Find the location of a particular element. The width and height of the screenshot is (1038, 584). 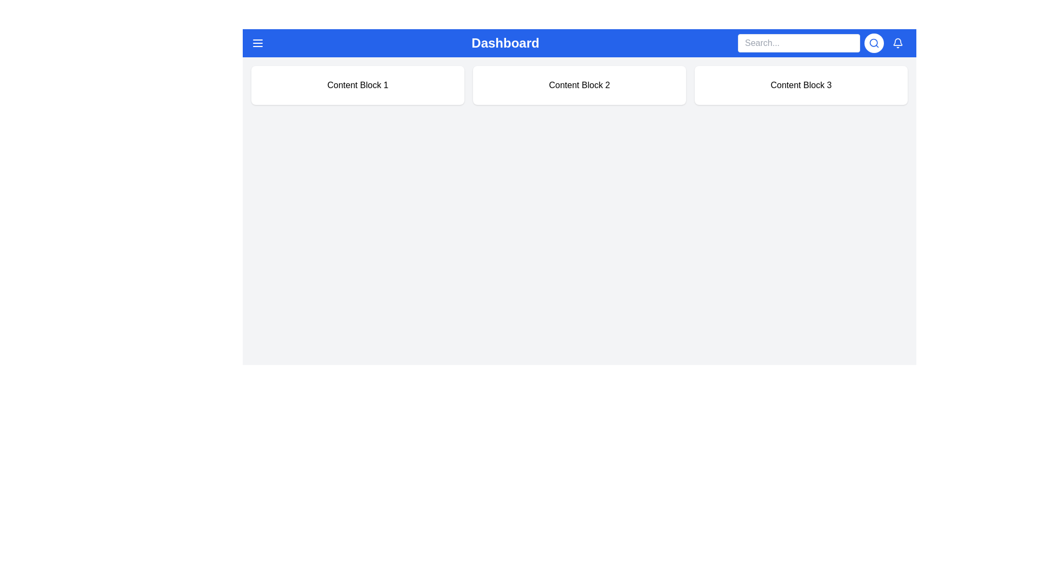

text from the 'Dashboard' static label, which is styled in bold and large font, located at the center top of the interface is located at coordinates (505, 43).